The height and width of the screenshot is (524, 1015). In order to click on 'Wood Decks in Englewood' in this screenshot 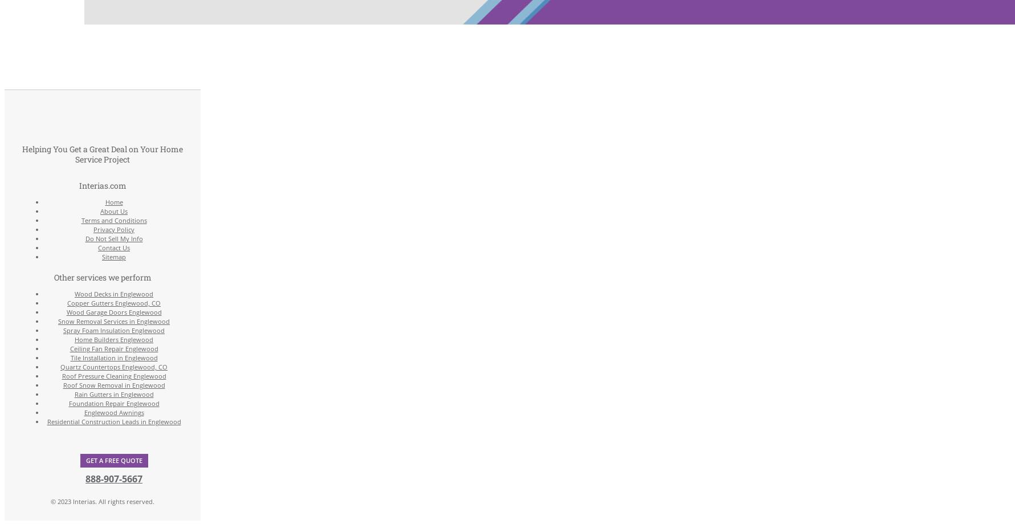, I will do `click(114, 293)`.